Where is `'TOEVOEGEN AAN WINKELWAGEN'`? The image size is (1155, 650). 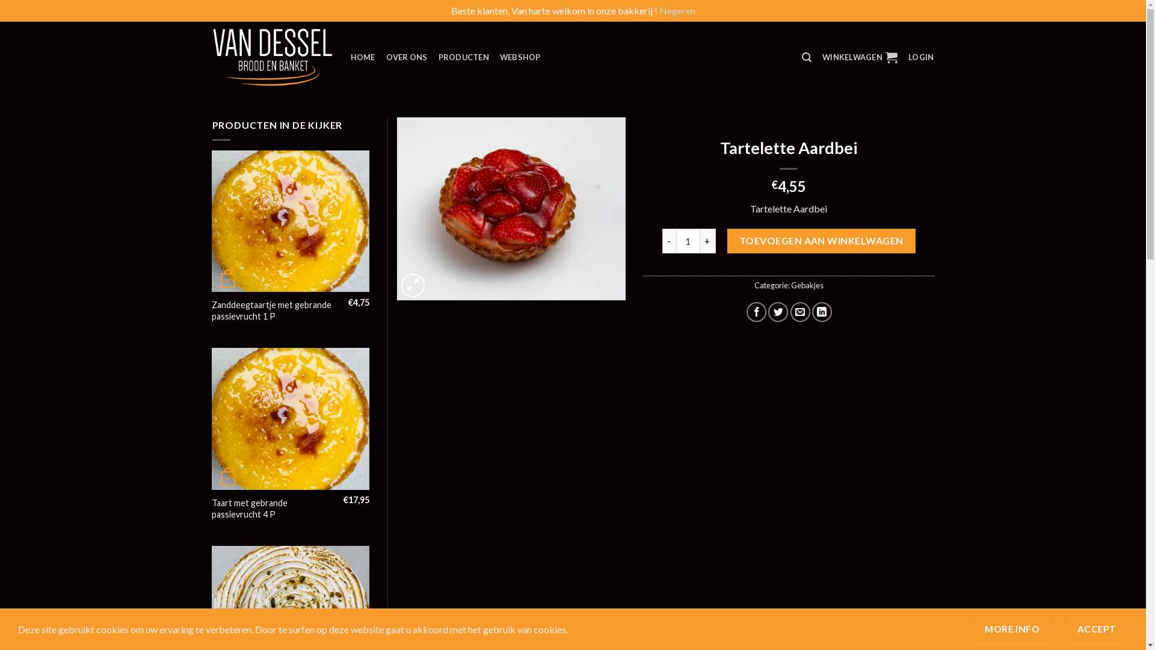
'TOEVOEGEN AAN WINKELWAGEN' is located at coordinates (821, 241).